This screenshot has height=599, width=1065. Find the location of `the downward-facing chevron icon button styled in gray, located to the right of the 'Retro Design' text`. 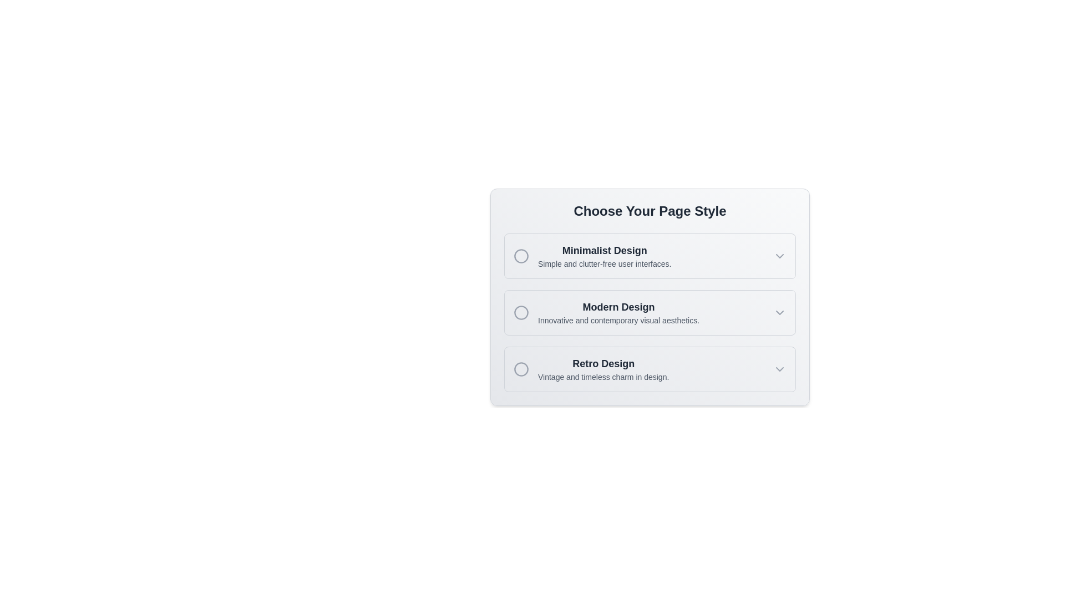

the downward-facing chevron icon button styled in gray, located to the right of the 'Retro Design' text is located at coordinates (779, 369).